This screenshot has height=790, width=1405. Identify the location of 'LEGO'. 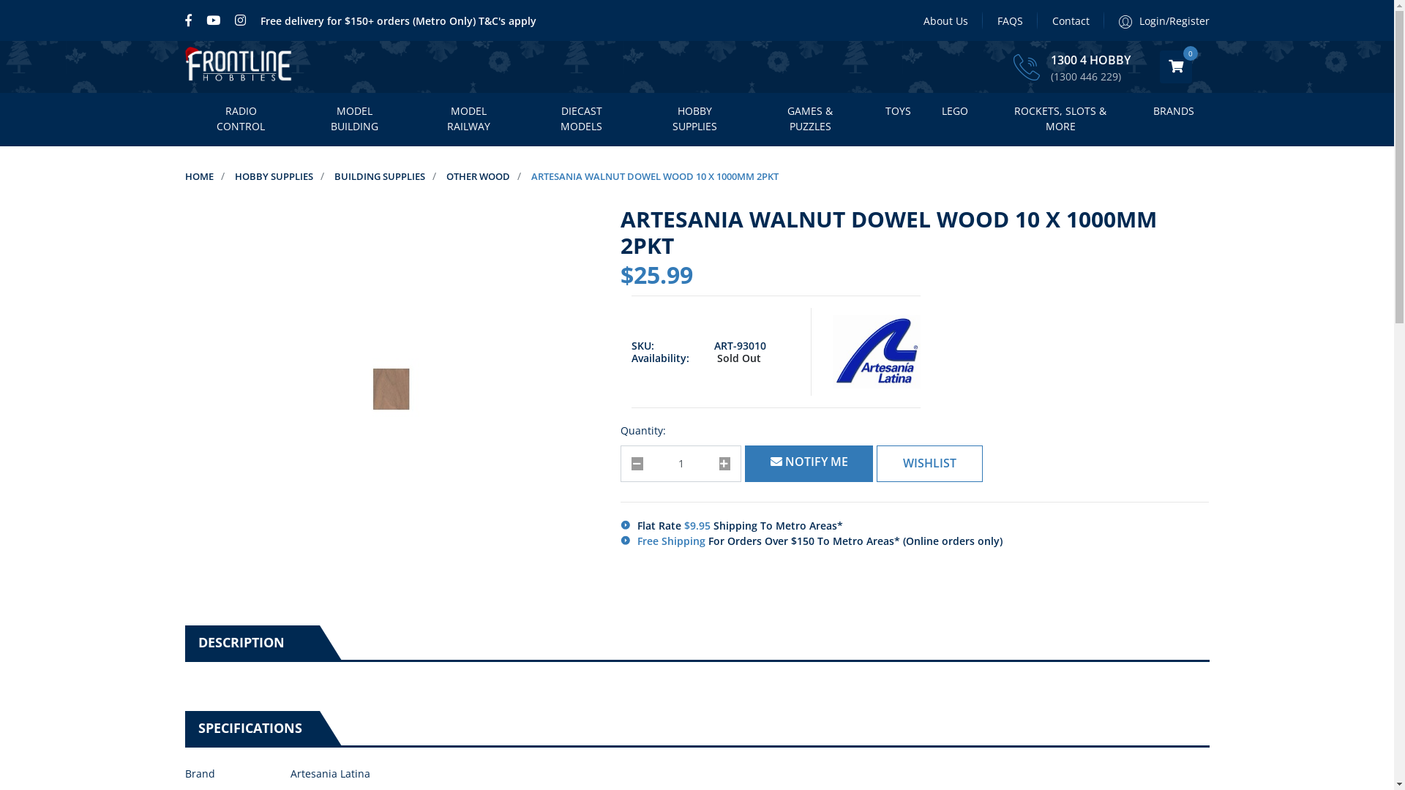
(955, 111).